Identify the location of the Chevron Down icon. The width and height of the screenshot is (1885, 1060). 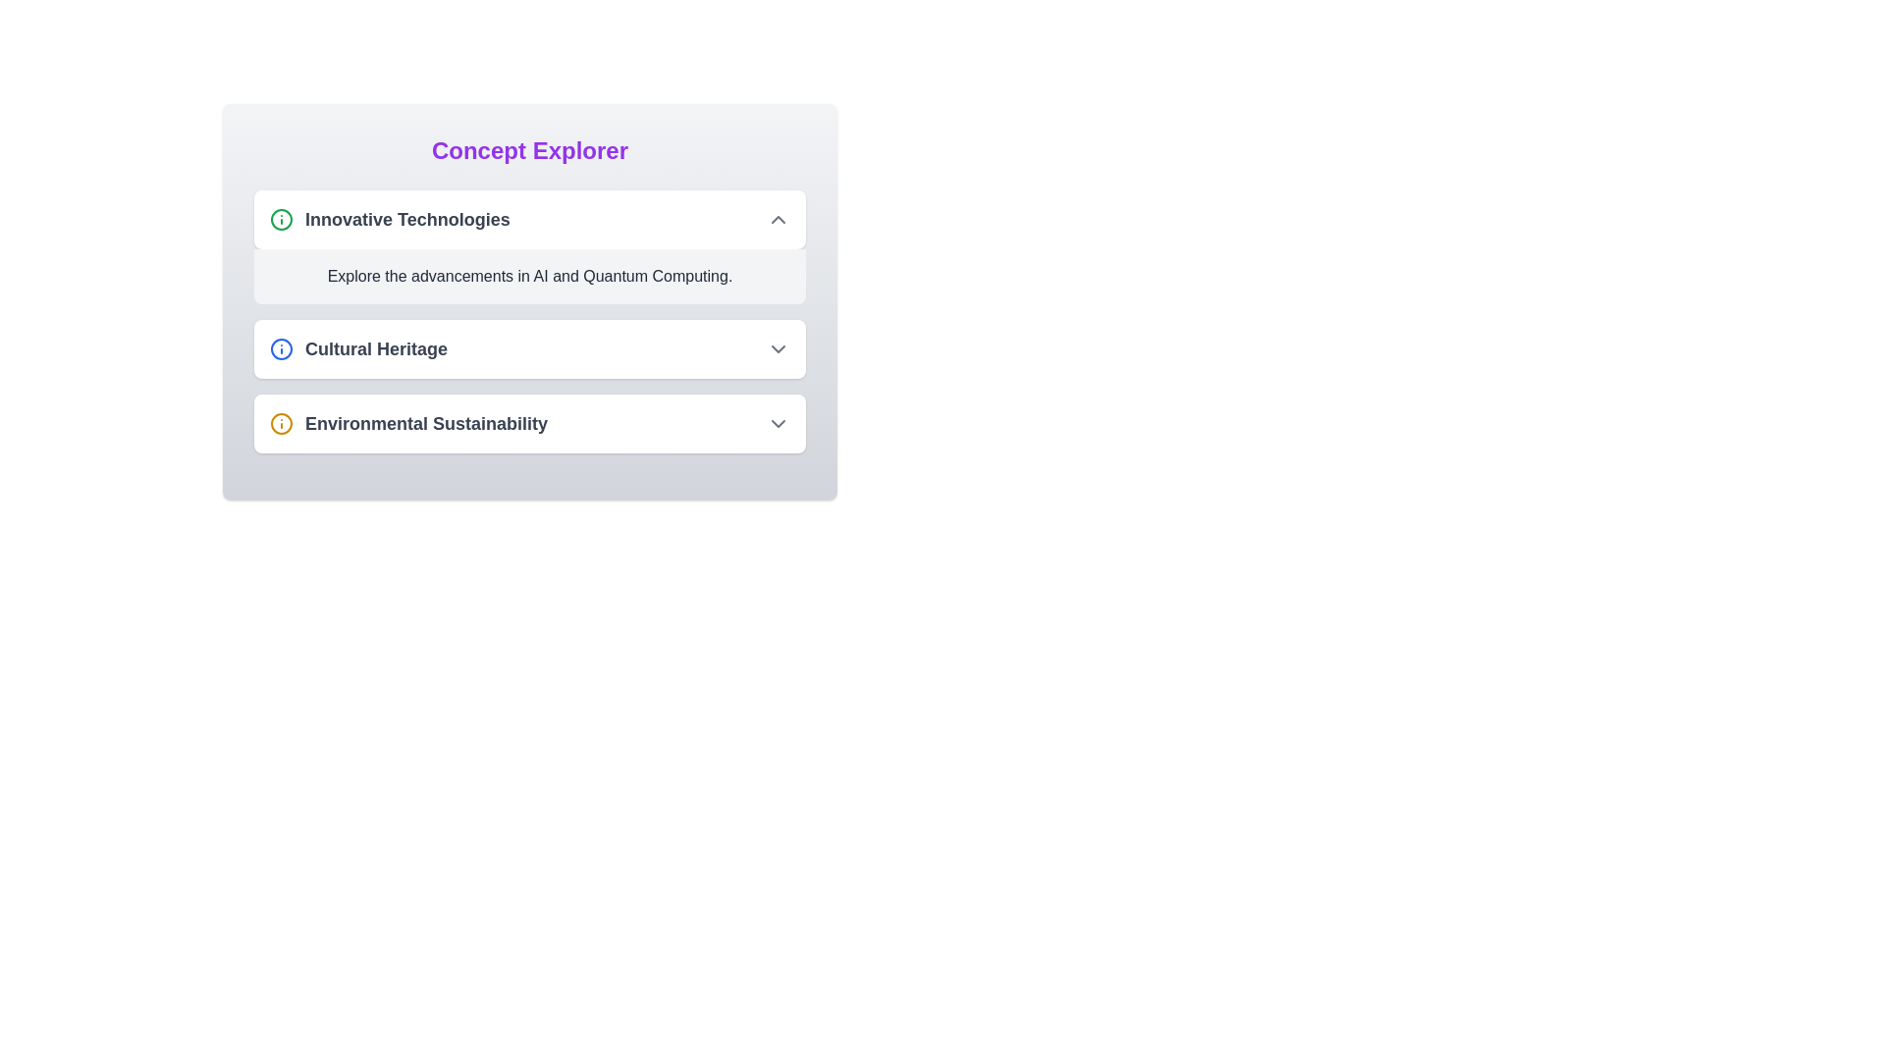
(777, 423).